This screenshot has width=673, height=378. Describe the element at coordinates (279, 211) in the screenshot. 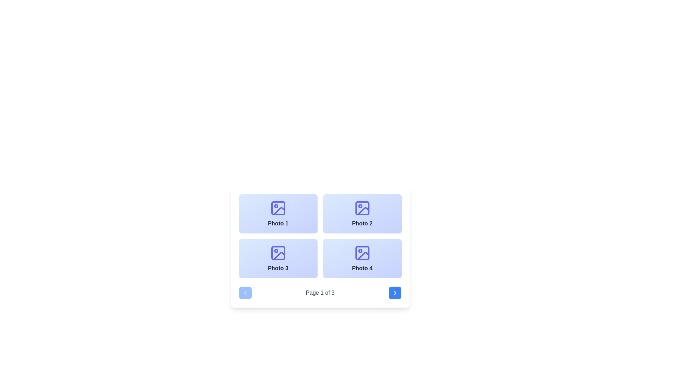

I see `the slanted line vector graphic with a small triangular curve, part of the 'Photo 1' icon box in the top-left quadrant of the grid layout` at that location.